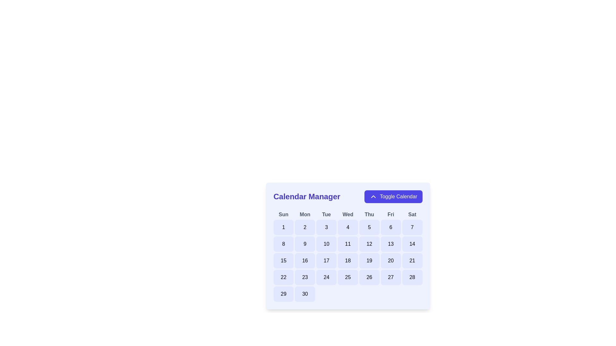 The height and width of the screenshot is (346, 616). Describe the element at coordinates (393, 196) in the screenshot. I see `the 'Toggle Calendar' button with a purple background and upward-pointing chevron icon` at that location.